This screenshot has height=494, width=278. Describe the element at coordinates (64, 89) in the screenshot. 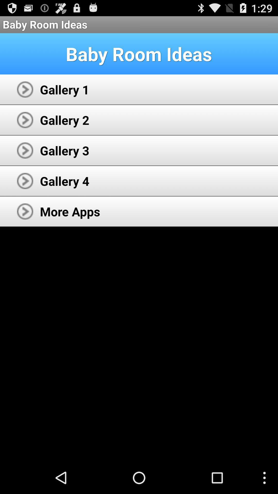

I see `icon below baby room ideas` at that location.